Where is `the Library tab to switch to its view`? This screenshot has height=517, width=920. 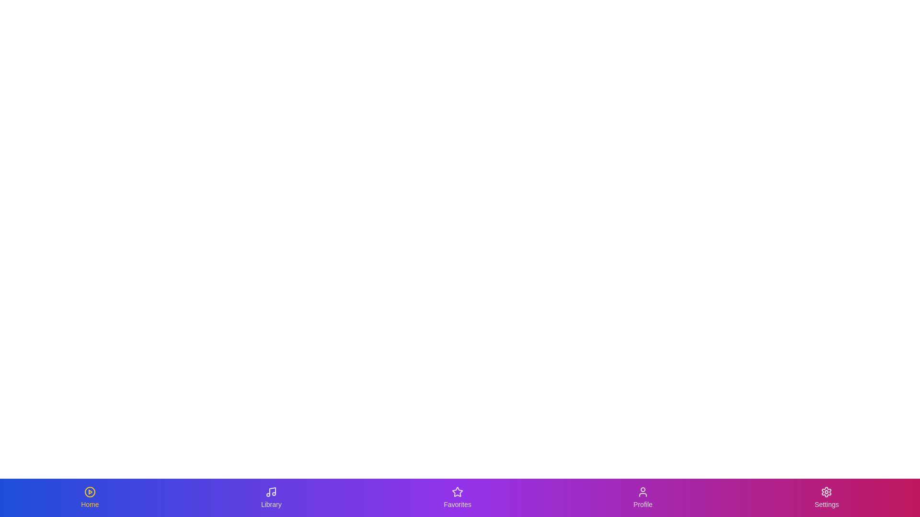
the Library tab to switch to its view is located at coordinates (271, 497).